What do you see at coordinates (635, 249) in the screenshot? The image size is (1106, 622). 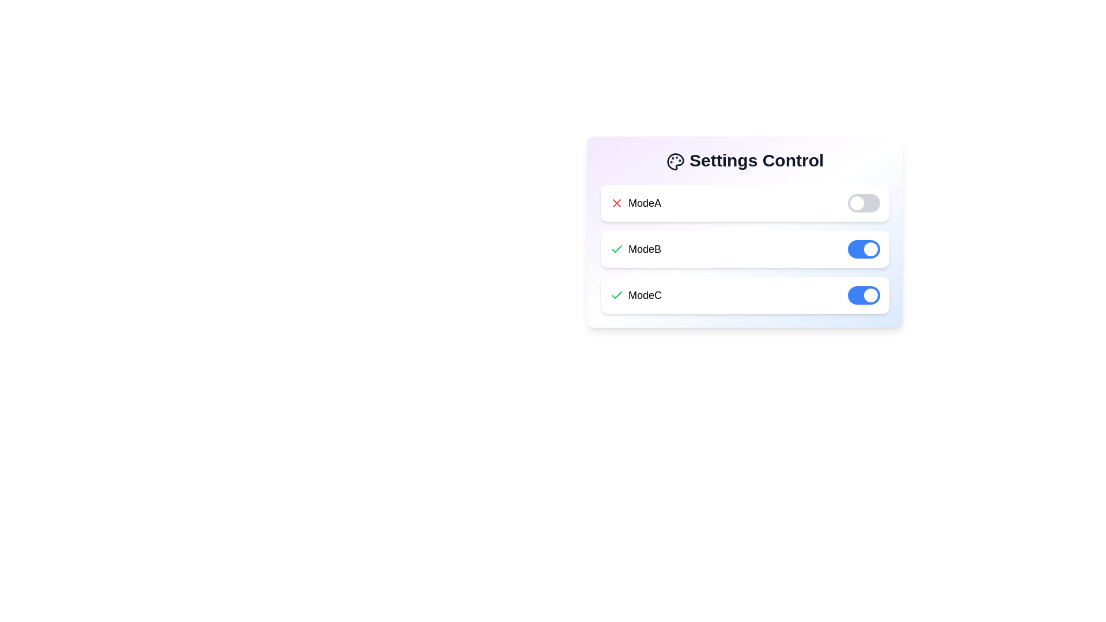 I see `displayed text of the 'ModeB' label, which is the second item in a list of options indicating the name of this specific setting` at bounding box center [635, 249].